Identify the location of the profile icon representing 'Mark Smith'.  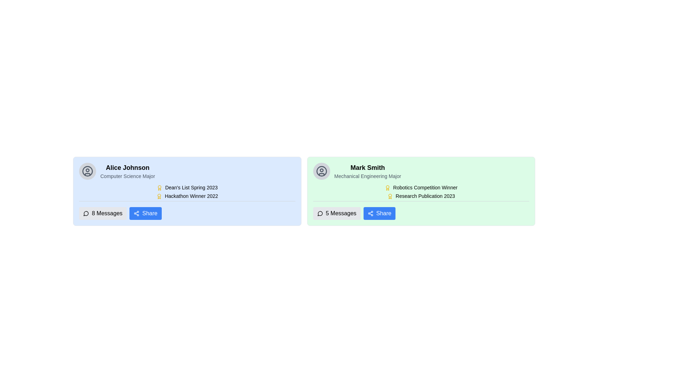
(321, 171).